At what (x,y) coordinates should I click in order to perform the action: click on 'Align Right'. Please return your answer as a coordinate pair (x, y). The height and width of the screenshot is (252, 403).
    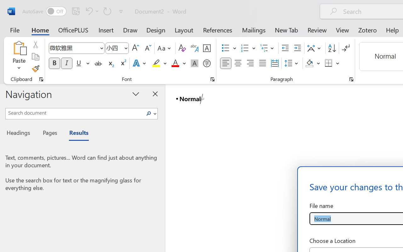
    Looking at the image, I should click on (250, 63).